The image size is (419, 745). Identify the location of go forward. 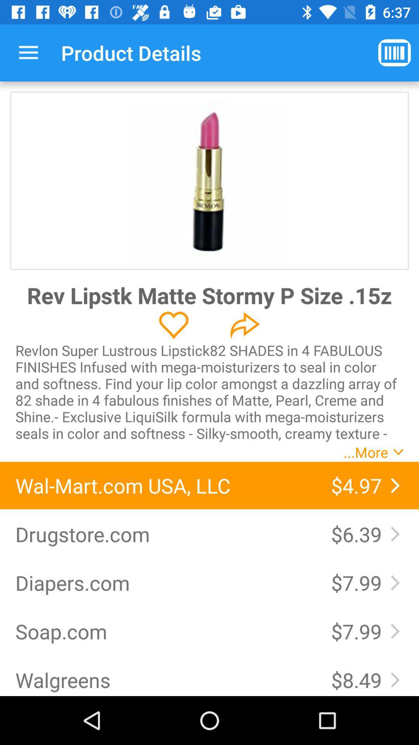
(245, 325).